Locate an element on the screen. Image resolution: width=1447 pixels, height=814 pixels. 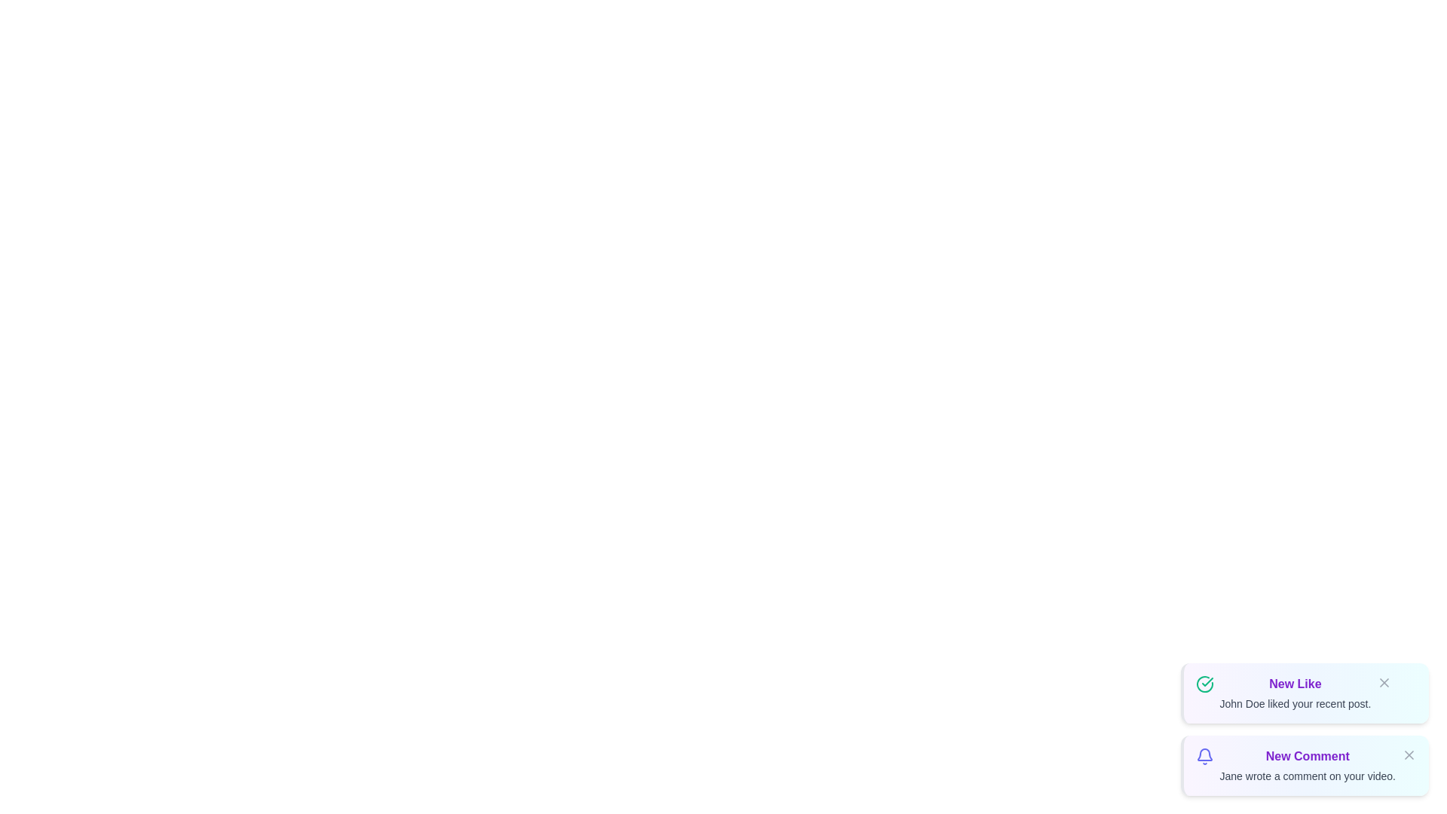
the notification labeled 'New Like' is located at coordinates (1304, 693).